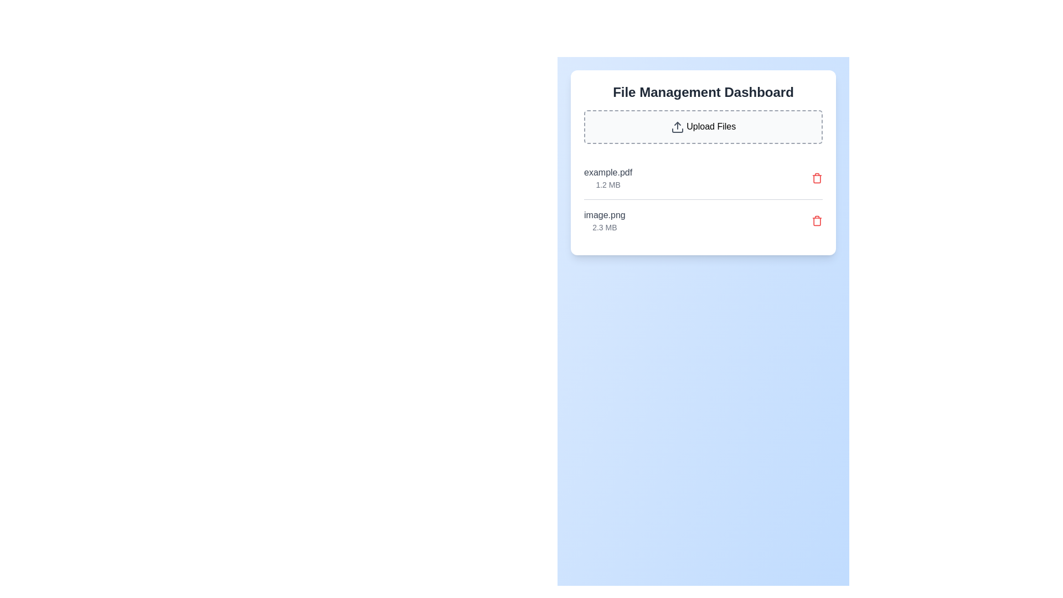 This screenshot has width=1063, height=598. I want to click on the surrounding area of the text display showing the file name 'image.png' and size '2.3 MB', so click(604, 220).